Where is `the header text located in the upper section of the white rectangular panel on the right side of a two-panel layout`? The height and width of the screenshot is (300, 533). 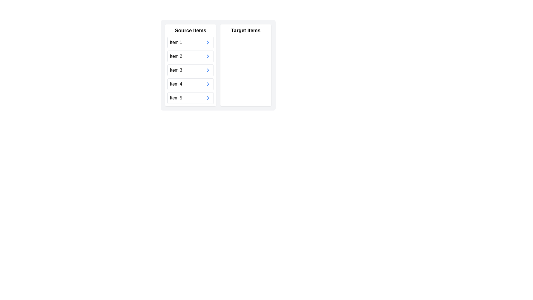 the header text located in the upper section of the white rectangular panel on the right side of a two-panel layout is located at coordinates (245, 31).